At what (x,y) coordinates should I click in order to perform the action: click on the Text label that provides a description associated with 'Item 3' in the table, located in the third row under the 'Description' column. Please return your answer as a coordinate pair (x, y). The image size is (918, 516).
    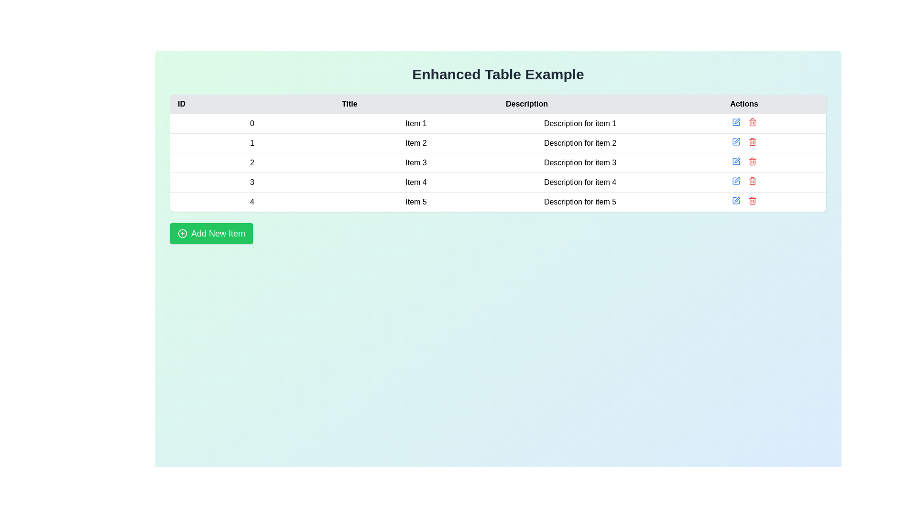
    Looking at the image, I should click on (579, 162).